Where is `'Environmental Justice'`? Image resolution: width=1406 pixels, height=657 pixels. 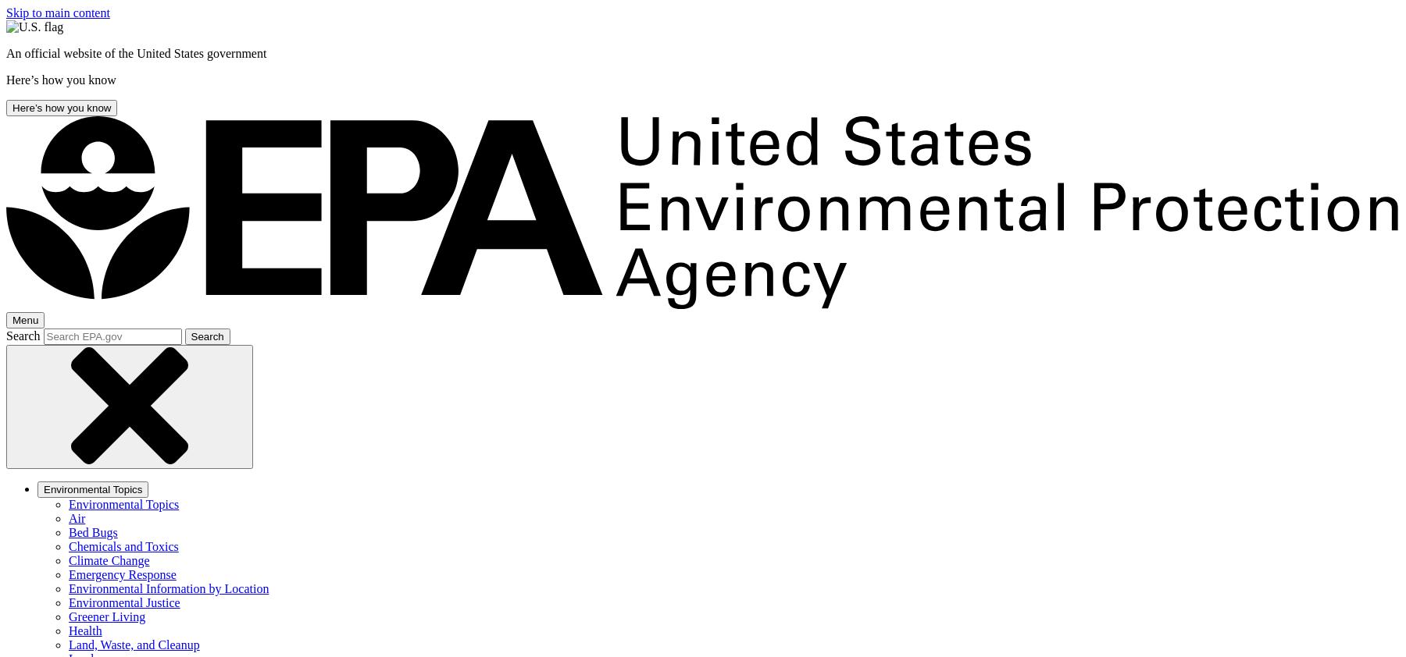
'Environmental Justice' is located at coordinates (123, 602).